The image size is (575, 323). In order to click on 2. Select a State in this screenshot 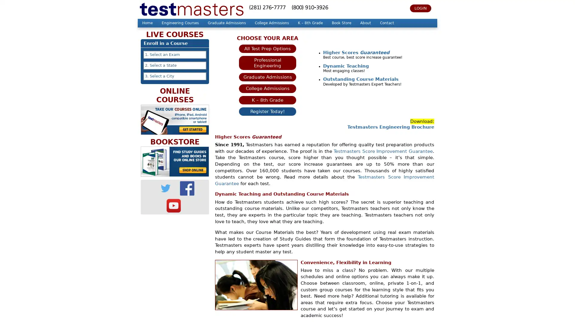, I will do `click(175, 65)`.